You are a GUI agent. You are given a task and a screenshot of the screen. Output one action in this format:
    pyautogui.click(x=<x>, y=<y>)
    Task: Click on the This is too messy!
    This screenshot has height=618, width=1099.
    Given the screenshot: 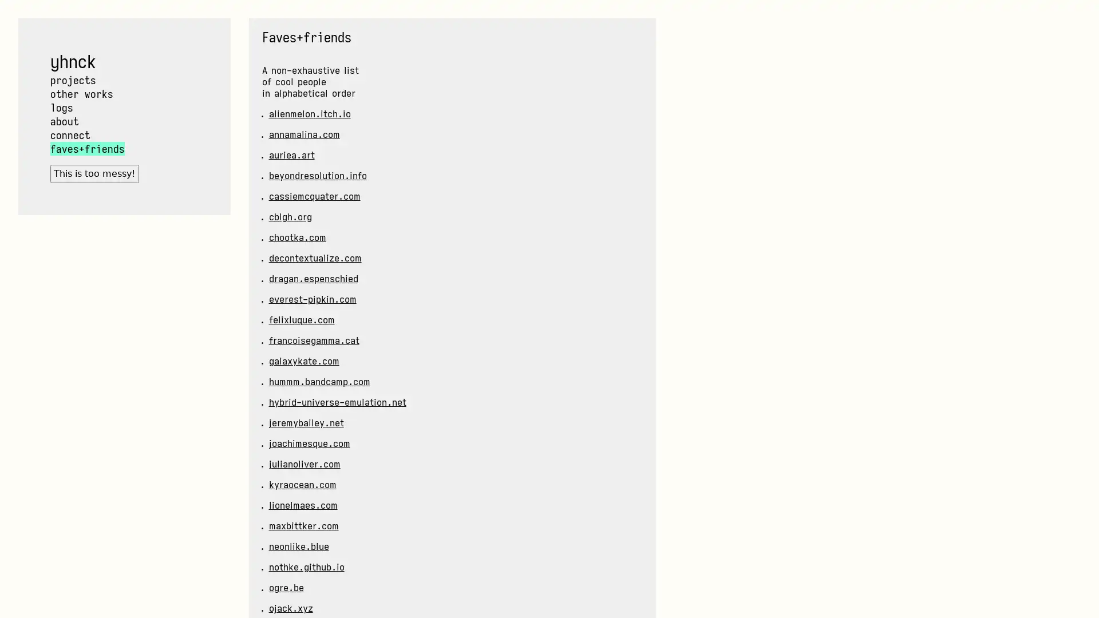 What is the action you would take?
    pyautogui.click(x=94, y=173)
    